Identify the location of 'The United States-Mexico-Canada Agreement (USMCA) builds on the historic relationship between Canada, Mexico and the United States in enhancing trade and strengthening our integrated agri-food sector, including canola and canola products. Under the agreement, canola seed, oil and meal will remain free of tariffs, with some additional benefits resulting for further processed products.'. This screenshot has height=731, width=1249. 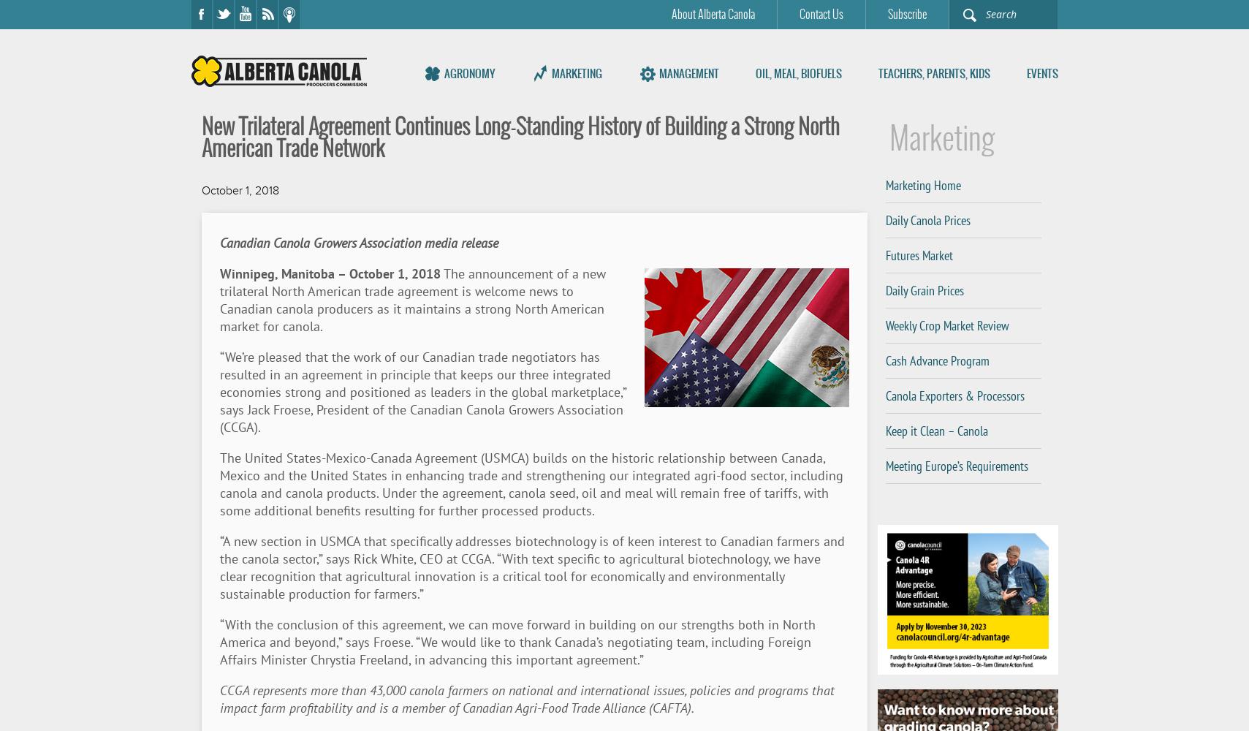
(531, 484).